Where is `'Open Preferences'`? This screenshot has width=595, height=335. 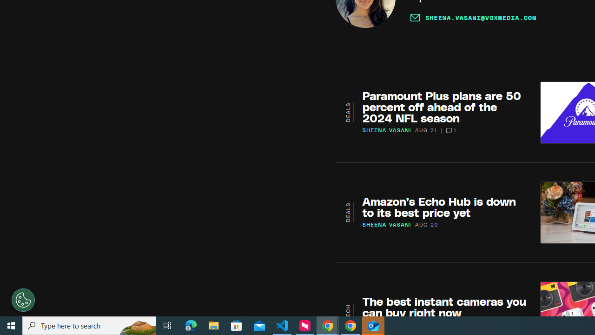
'Open Preferences' is located at coordinates (23, 300).